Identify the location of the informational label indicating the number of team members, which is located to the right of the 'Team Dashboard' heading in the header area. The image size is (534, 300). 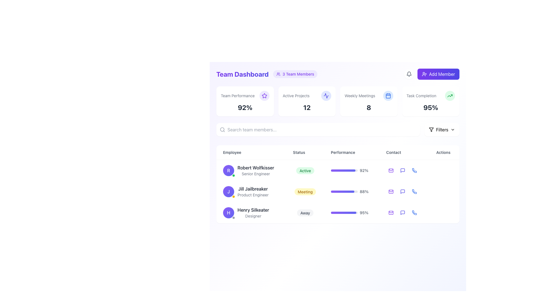
(295, 74).